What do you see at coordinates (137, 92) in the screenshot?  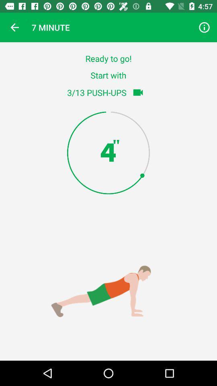 I see `the videocam icon` at bounding box center [137, 92].